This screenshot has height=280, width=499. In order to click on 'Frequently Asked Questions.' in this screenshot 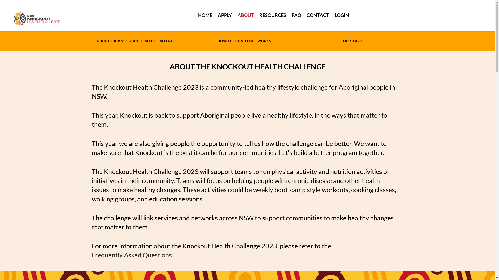, I will do `click(132, 255)`.